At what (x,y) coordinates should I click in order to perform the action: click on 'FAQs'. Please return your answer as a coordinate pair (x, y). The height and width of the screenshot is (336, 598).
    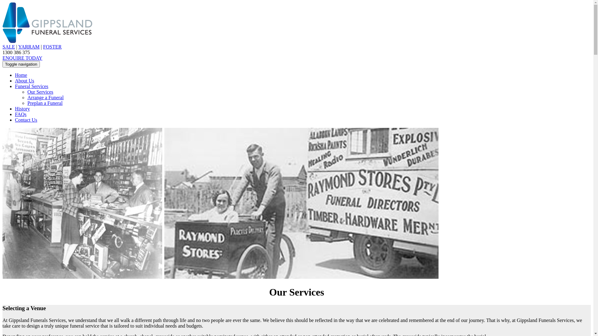
    Looking at the image, I should click on (15, 114).